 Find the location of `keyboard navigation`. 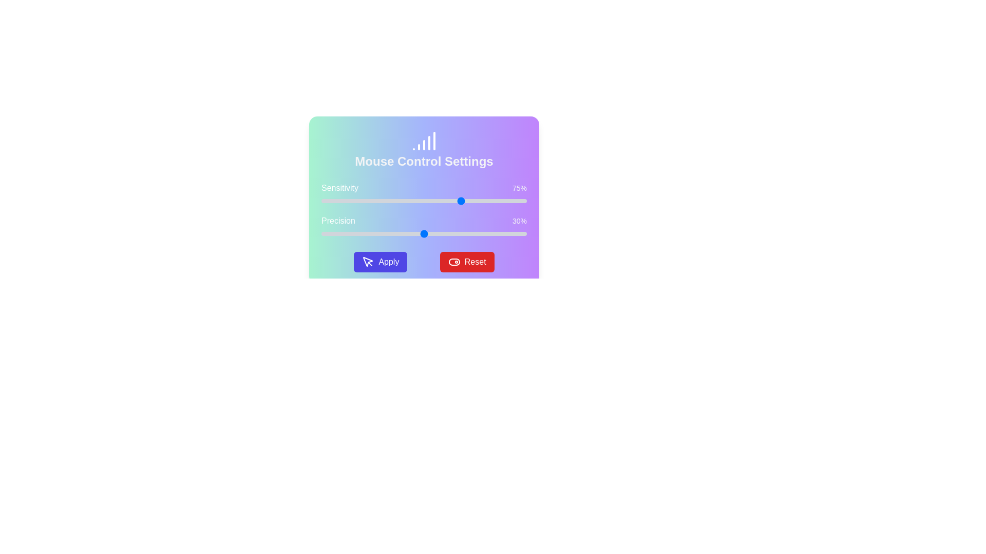

keyboard navigation is located at coordinates (453, 261).